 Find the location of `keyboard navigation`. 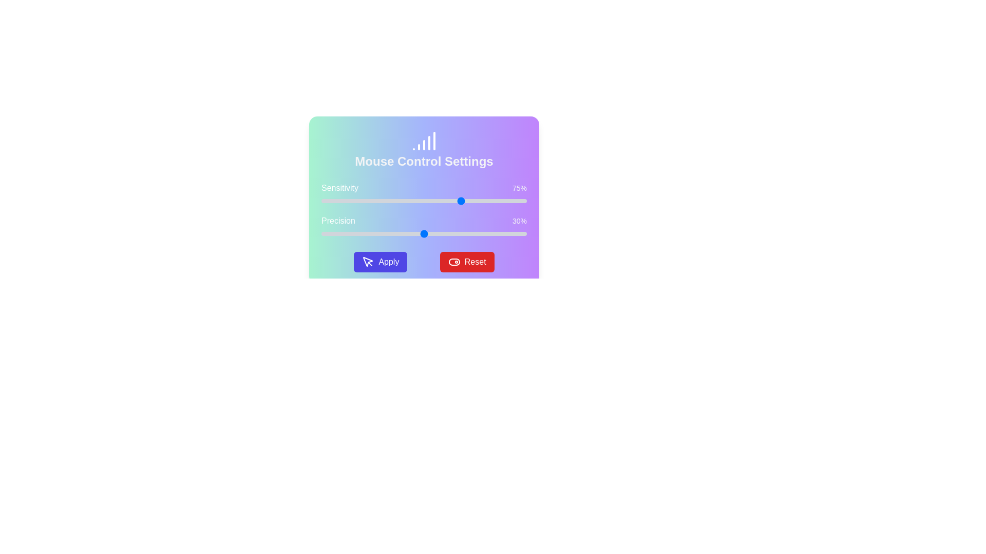

keyboard navigation is located at coordinates (453, 261).